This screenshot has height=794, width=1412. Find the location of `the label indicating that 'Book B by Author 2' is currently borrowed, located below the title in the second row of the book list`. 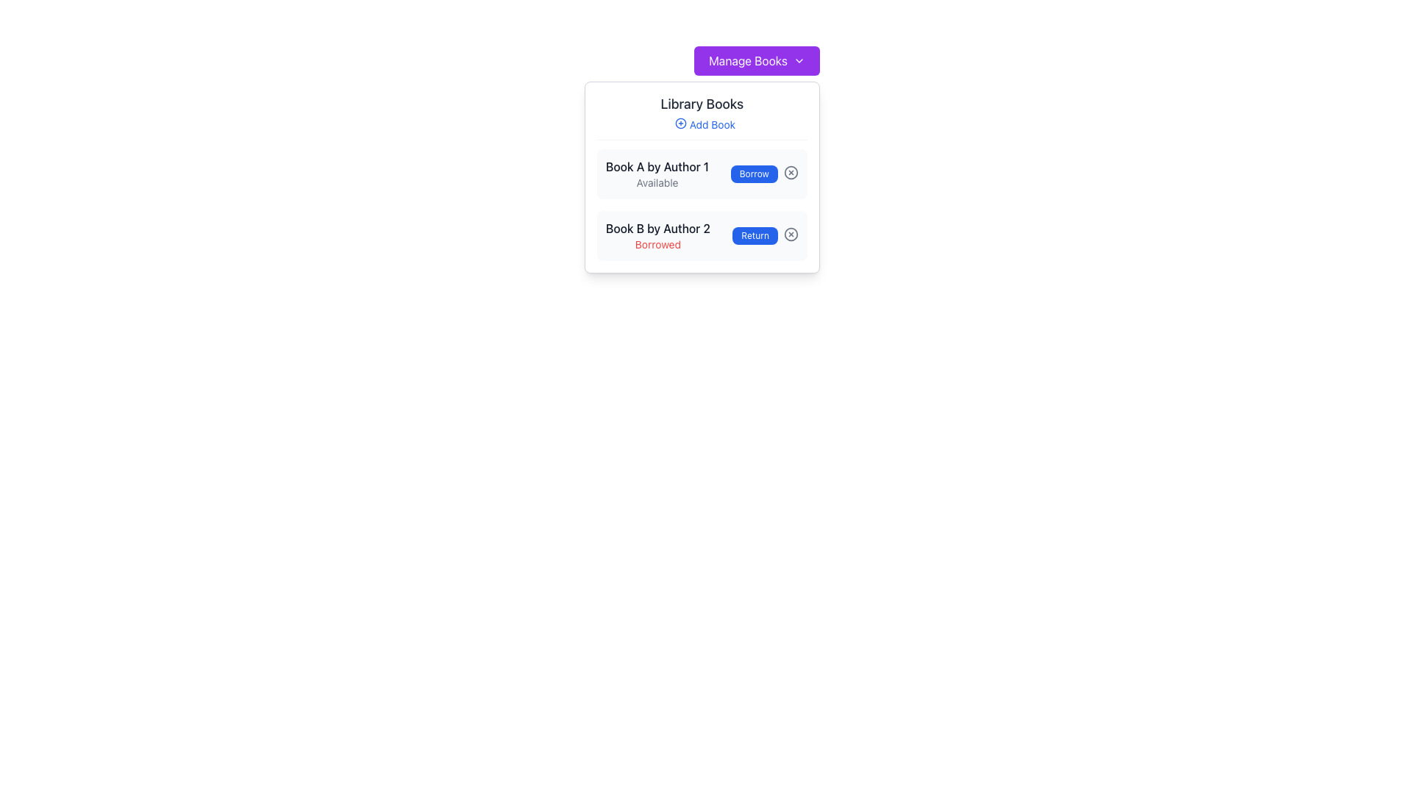

the label indicating that 'Book B by Author 2' is currently borrowed, located below the title in the second row of the book list is located at coordinates (657, 243).